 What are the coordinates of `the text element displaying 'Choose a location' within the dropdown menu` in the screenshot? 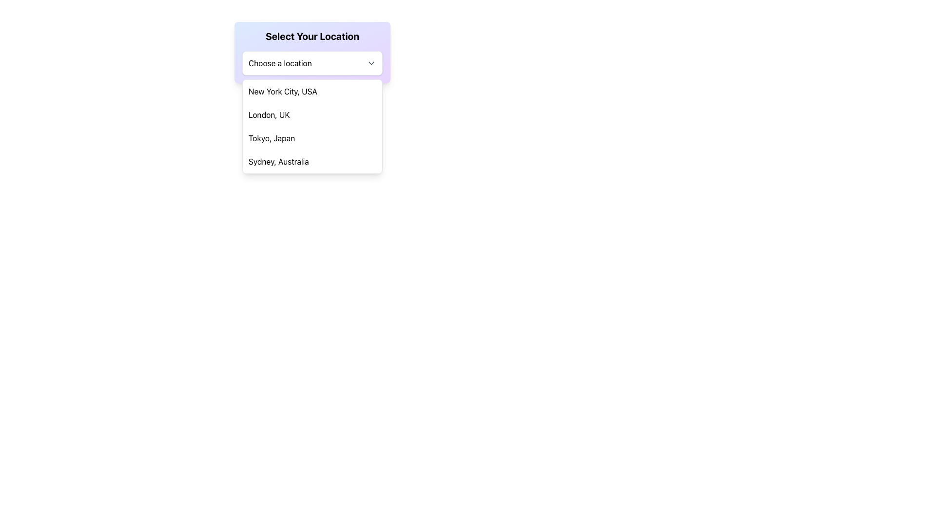 It's located at (279, 63).